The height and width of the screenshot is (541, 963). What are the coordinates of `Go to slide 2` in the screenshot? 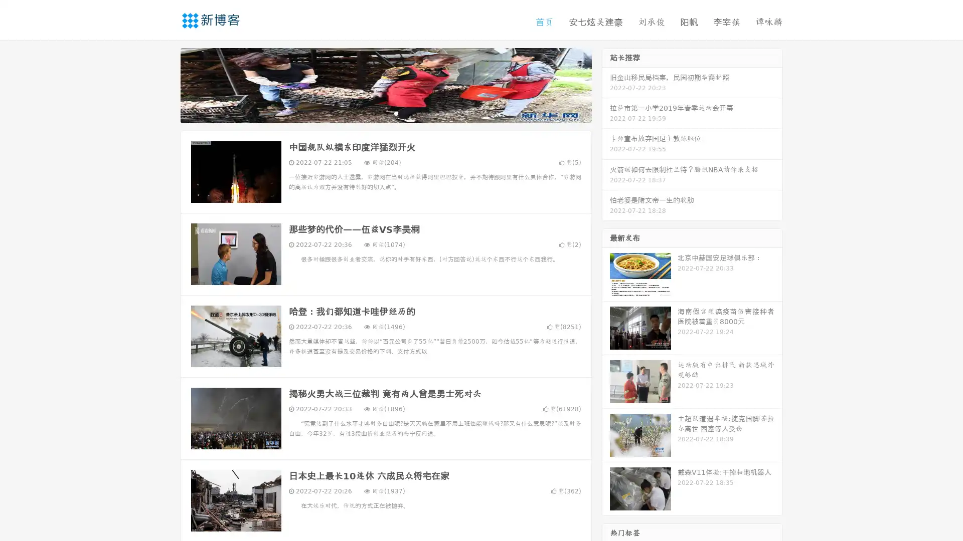 It's located at (385, 113).